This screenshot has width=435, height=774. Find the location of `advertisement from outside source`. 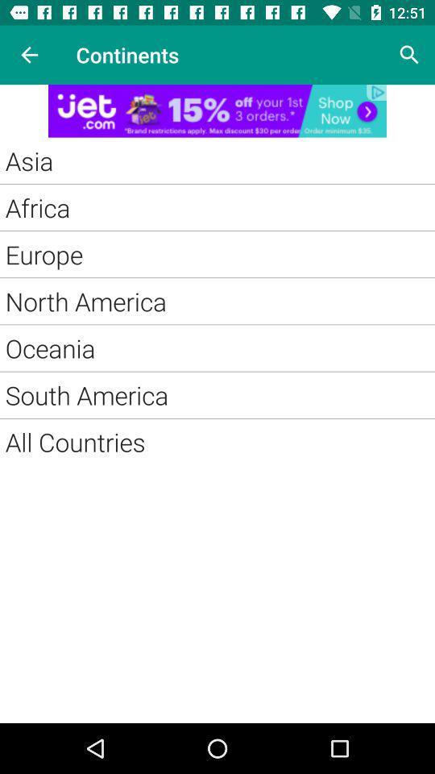

advertisement from outside source is located at coordinates (217, 110).